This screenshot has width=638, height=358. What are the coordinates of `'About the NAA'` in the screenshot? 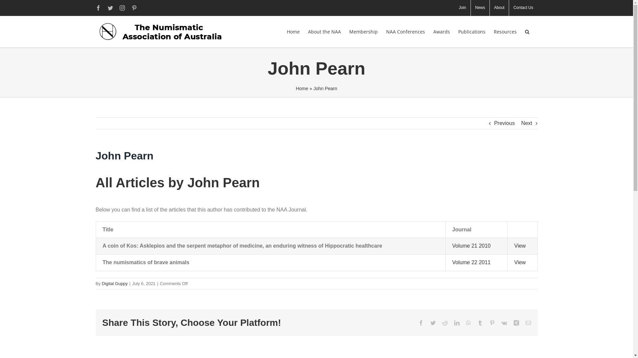 It's located at (324, 32).